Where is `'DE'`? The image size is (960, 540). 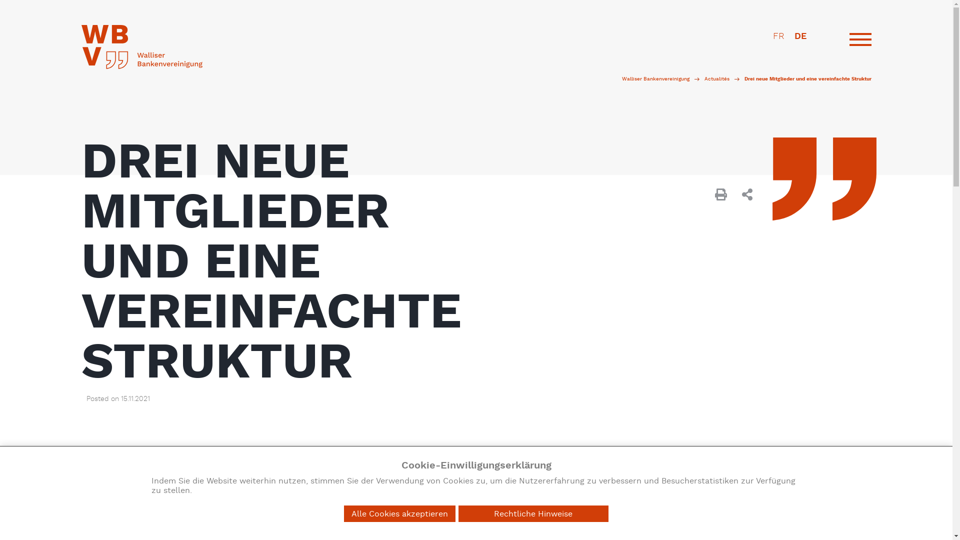
'DE' is located at coordinates (799, 36).